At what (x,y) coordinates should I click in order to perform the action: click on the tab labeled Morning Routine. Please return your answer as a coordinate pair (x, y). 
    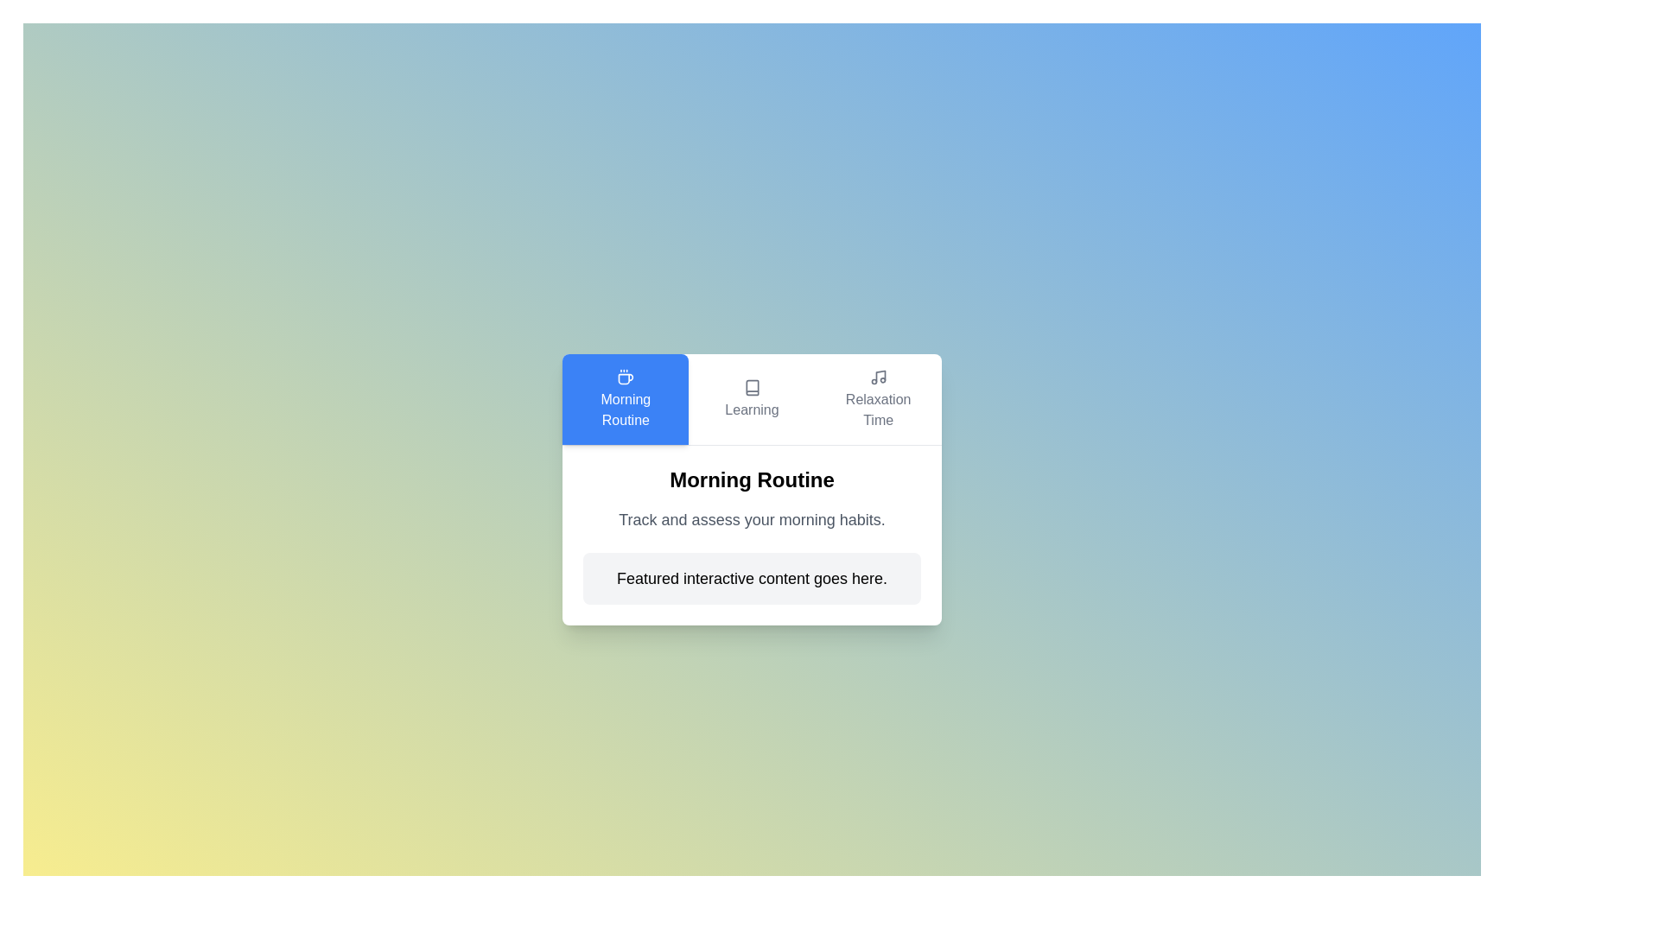
    Looking at the image, I should click on (625, 399).